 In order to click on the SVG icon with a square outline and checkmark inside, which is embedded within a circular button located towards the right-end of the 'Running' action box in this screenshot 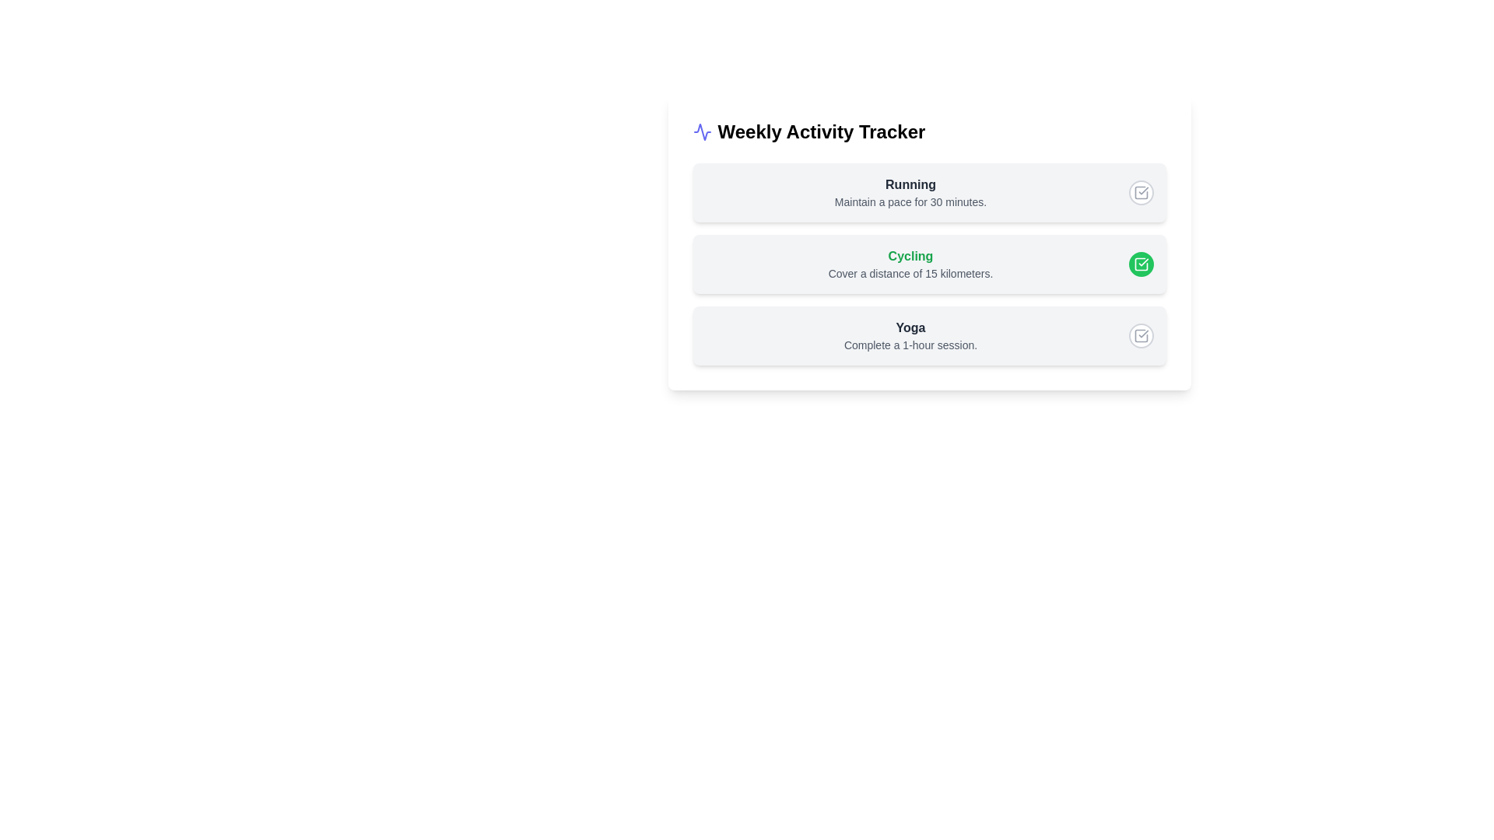, I will do `click(1141, 191)`.